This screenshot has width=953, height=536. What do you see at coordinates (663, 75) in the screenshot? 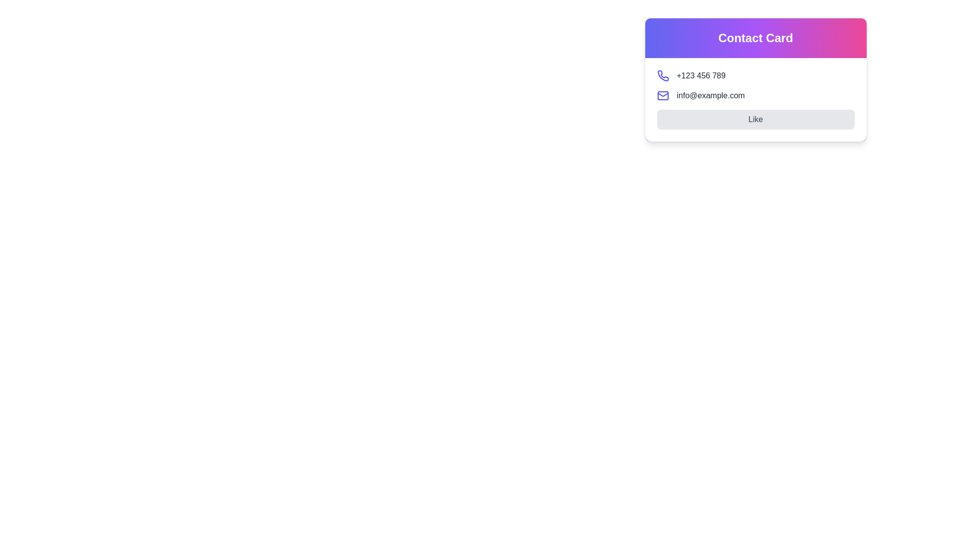
I see `the phone icon located at the top left of the contact details section to initiate the calling action` at bounding box center [663, 75].